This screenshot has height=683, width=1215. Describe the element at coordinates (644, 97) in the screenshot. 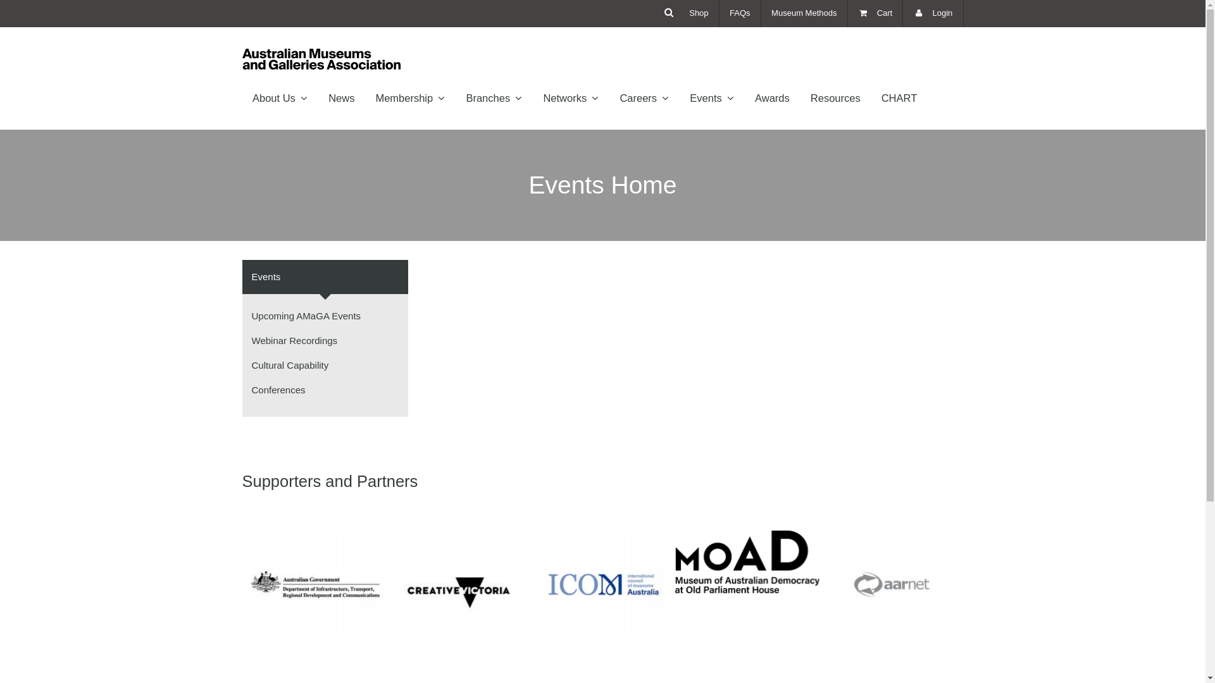

I see `'Careers'` at that location.